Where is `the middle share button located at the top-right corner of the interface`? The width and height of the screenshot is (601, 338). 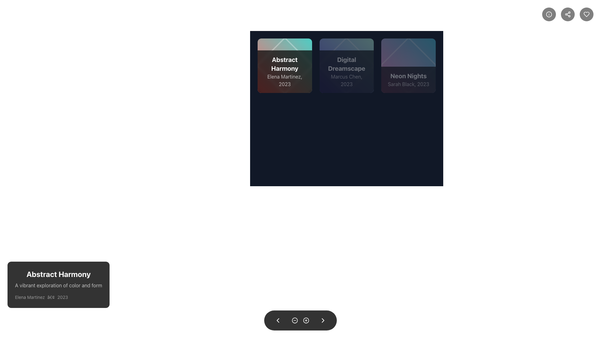 the middle share button located at the top-right corner of the interface is located at coordinates (568, 14).